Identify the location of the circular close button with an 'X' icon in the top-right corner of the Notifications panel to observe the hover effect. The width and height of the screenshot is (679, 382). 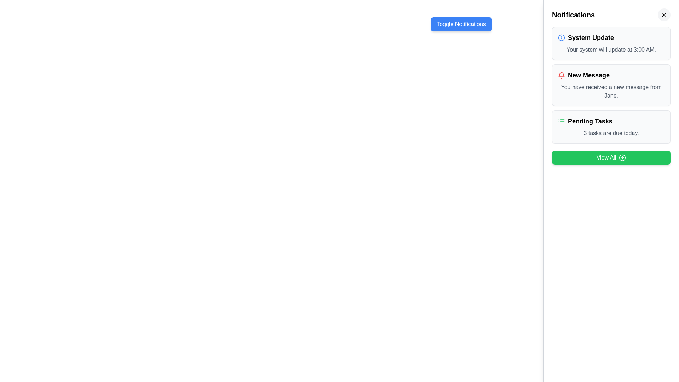
(663, 15).